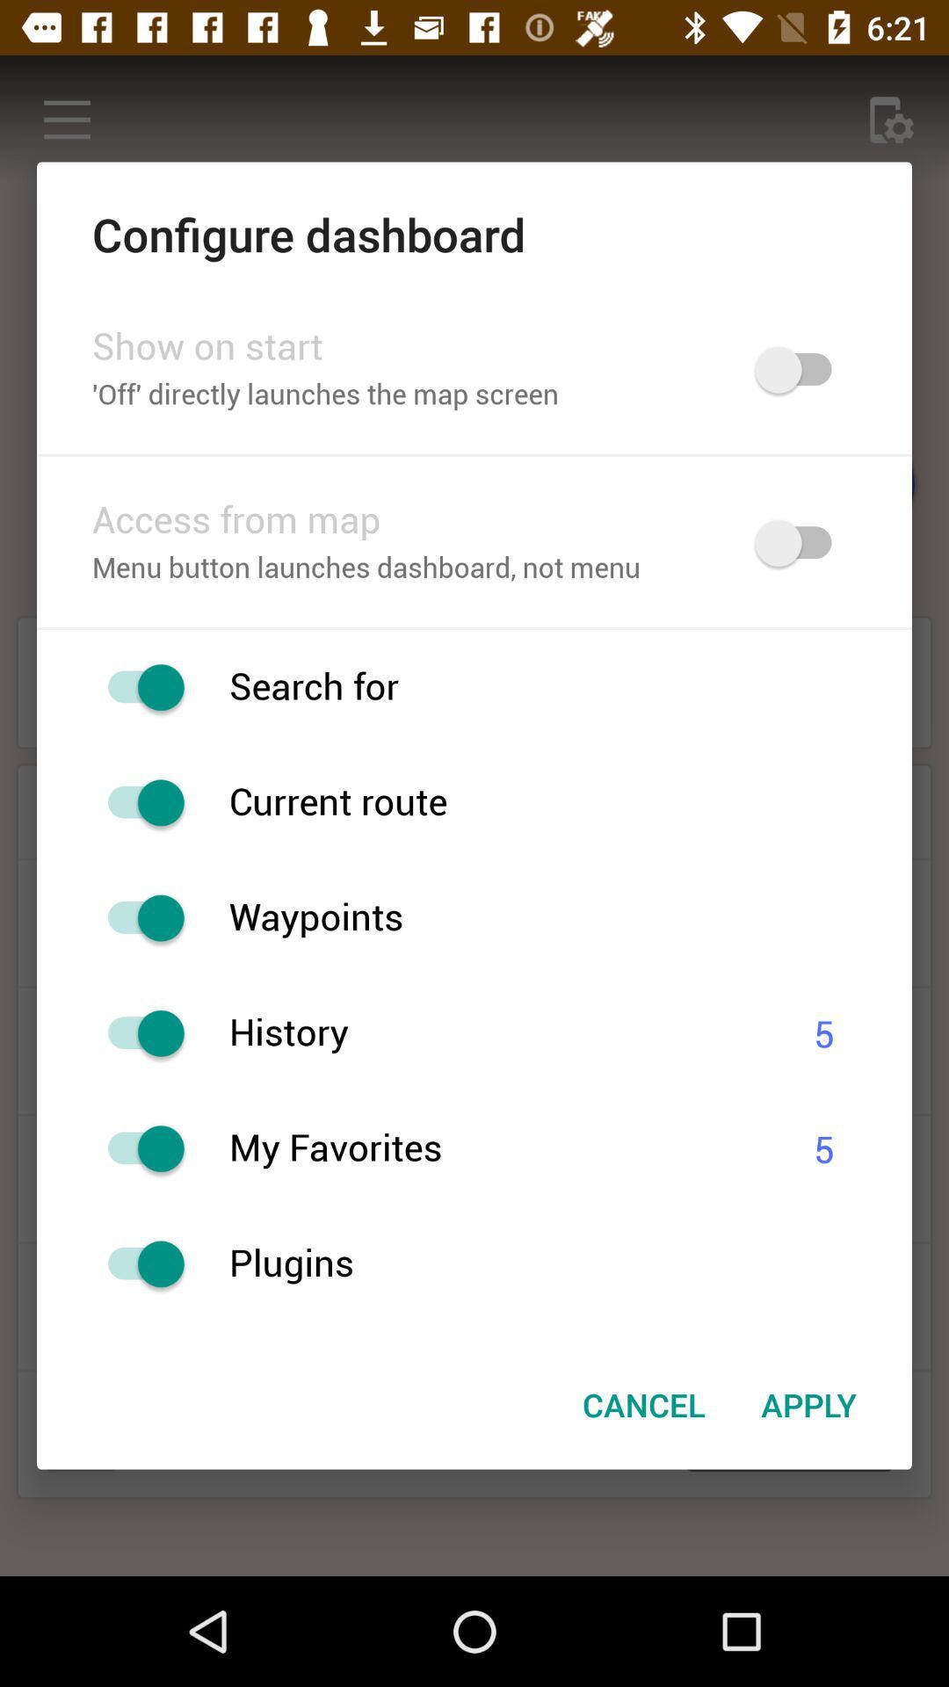 This screenshot has width=949, height=1687. I want to click on the cancel, so click(644, 1403).